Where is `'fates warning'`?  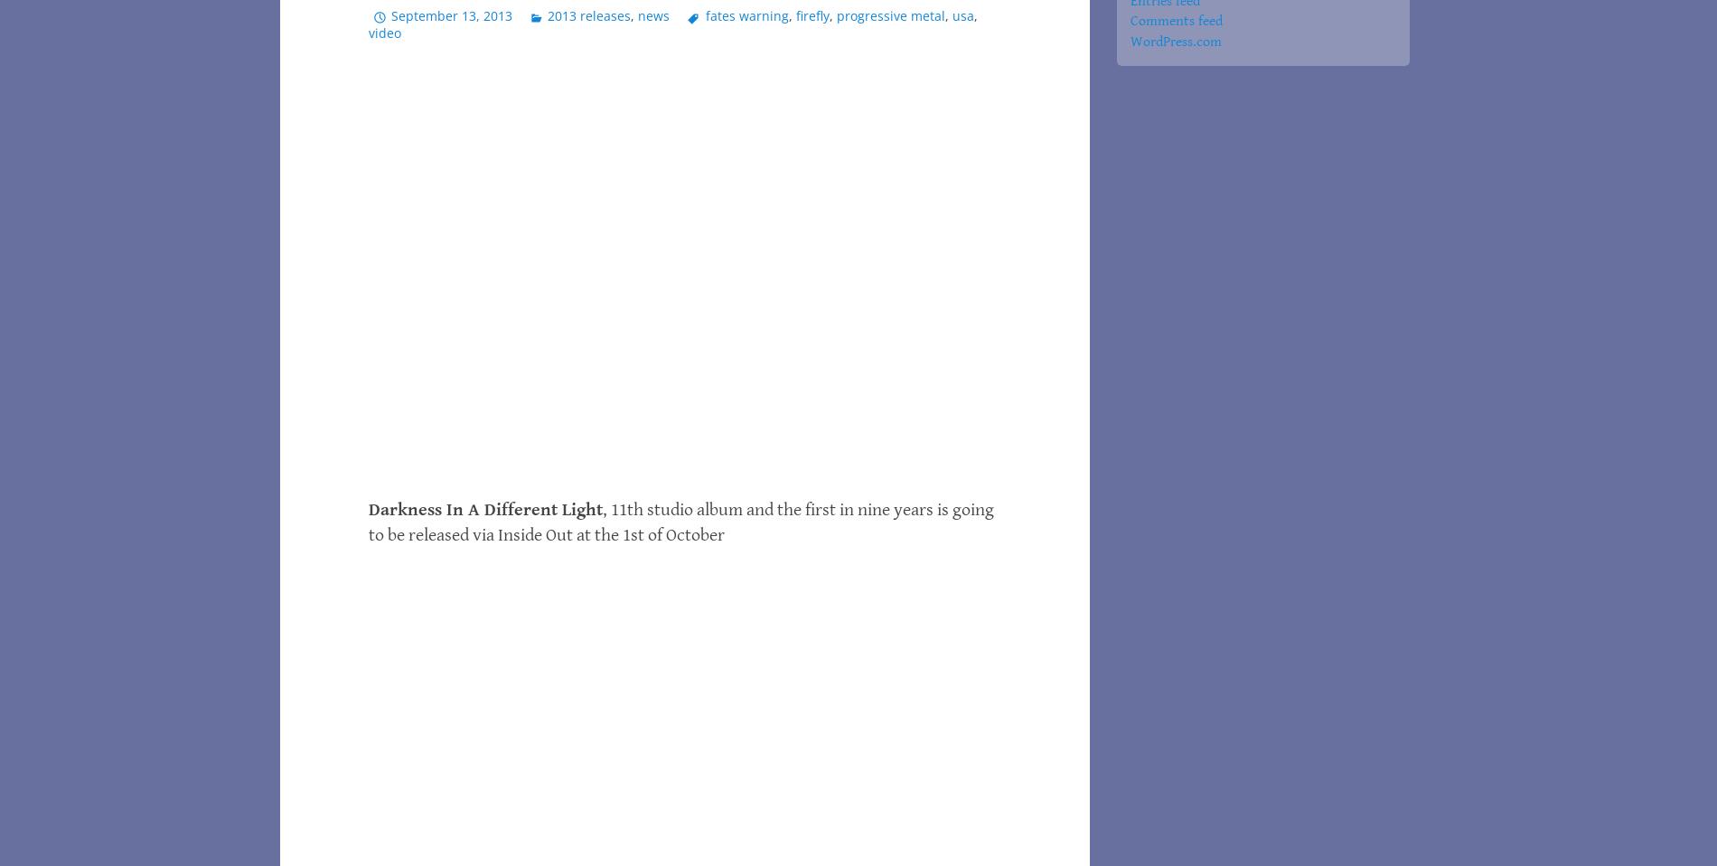 'fates warning' is located at coordinates (745, 14).